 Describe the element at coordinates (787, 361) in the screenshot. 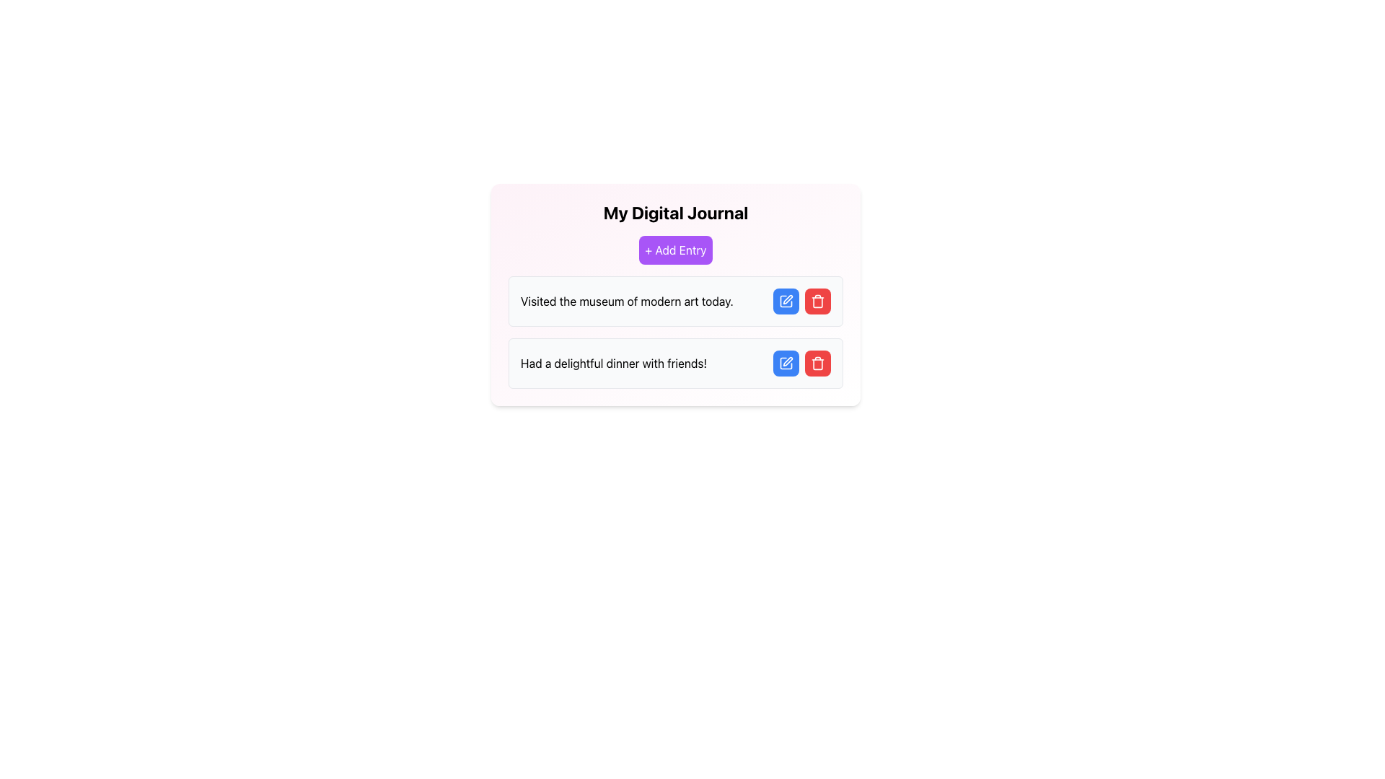

I see `the pen-shaped icon within the 'Edit' button in the second row of the journal entry listing as a visual cue for editing` at that location.